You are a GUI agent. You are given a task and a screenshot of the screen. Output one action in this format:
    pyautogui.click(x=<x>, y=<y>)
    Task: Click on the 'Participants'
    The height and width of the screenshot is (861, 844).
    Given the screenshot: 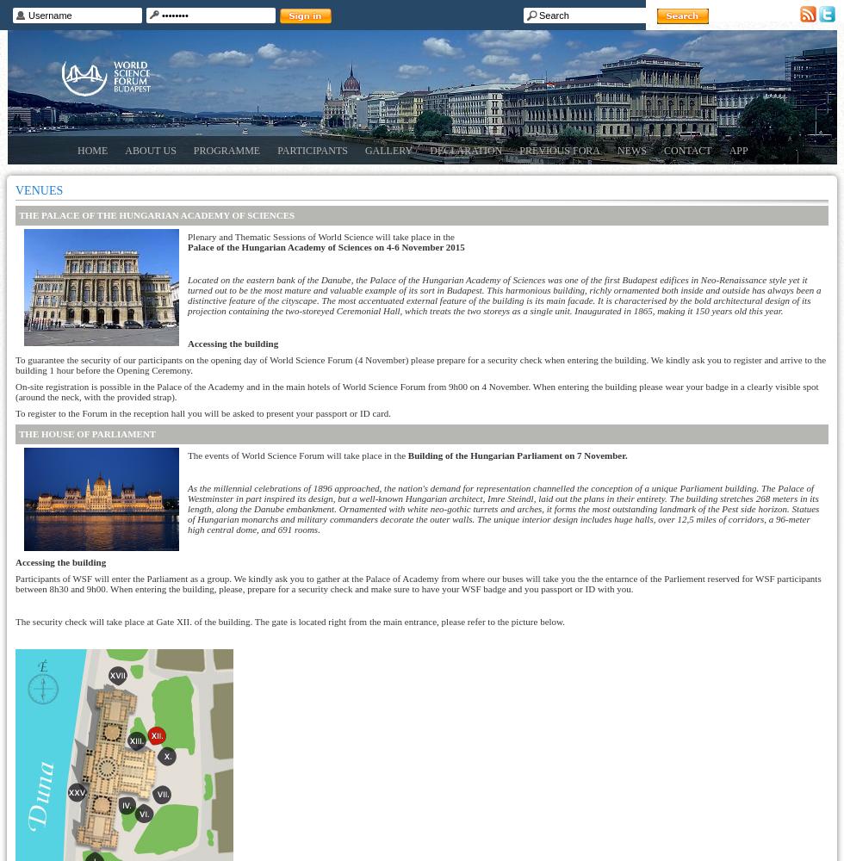 What is the action you would take?
    pyautogui.click(x=312, y=151)
    